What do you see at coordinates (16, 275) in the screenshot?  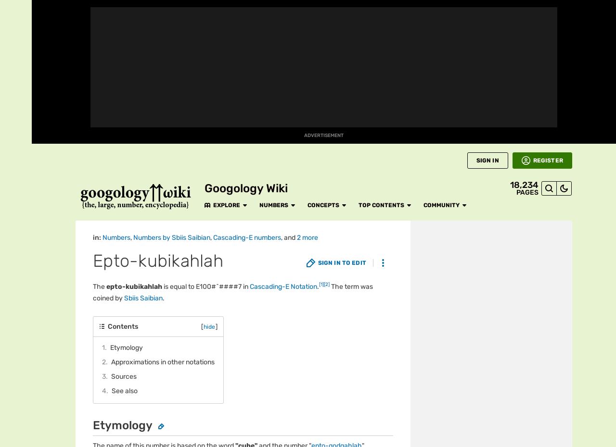 I see `'Video'` at bounding box center [16, 275].